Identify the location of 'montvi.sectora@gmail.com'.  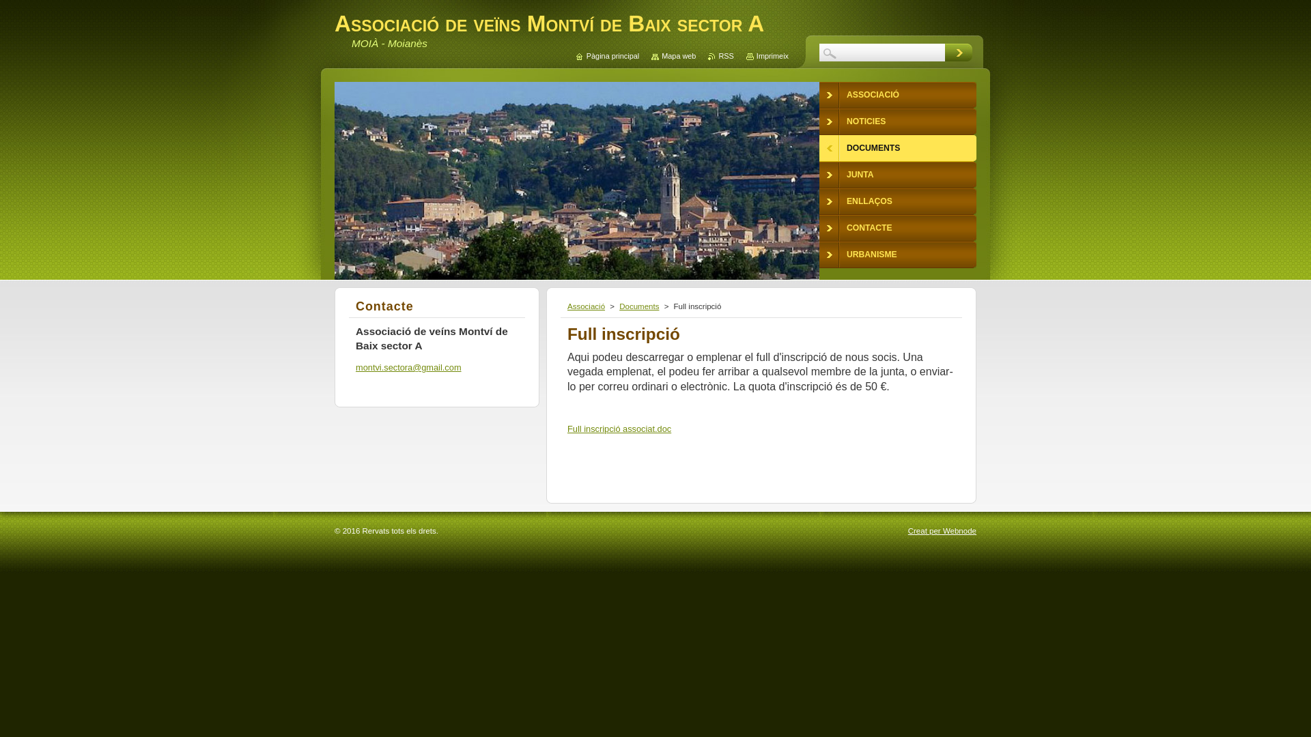
(408, 366).